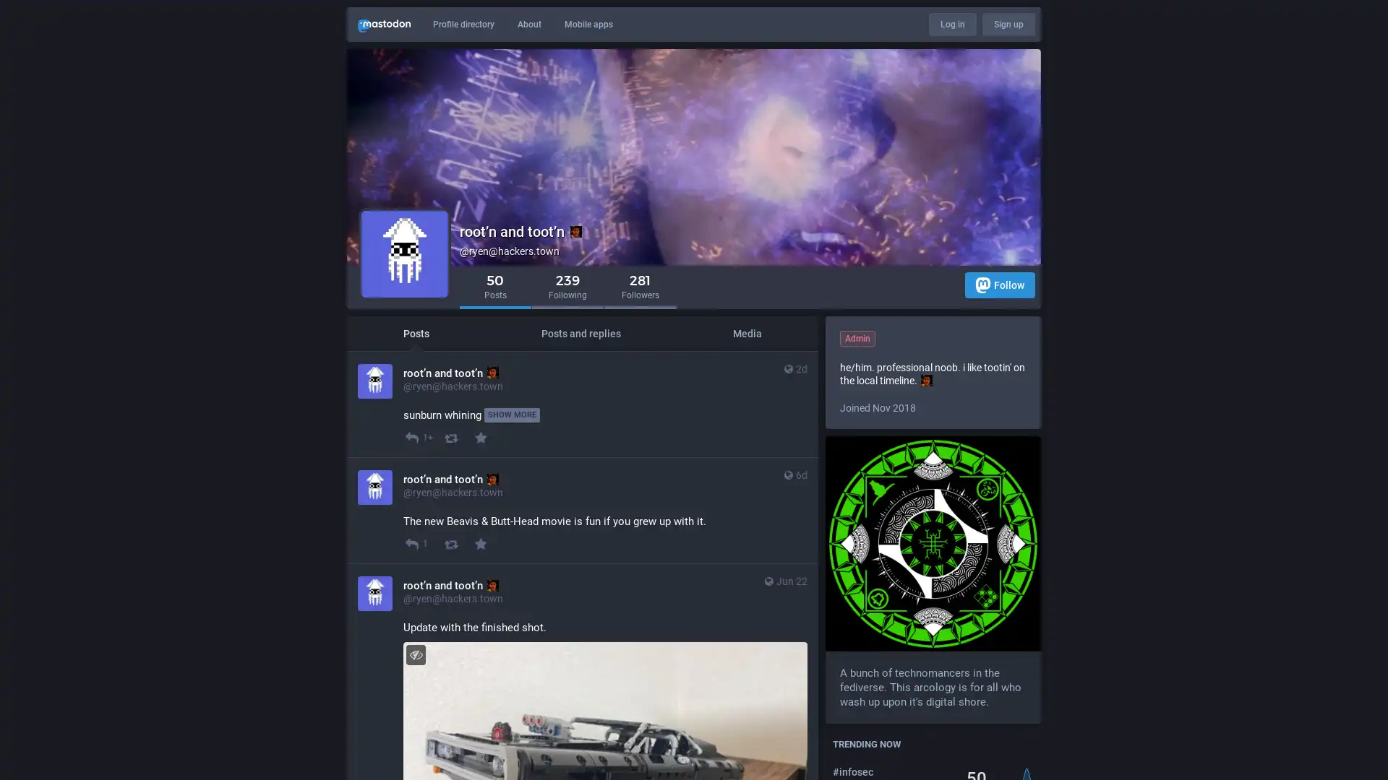 The height and width of the screenshot is (780, 1388). What do you see at coordinates (415, 654) in the screenshot?
I see `Hide image` at bounding box center [415, 654].